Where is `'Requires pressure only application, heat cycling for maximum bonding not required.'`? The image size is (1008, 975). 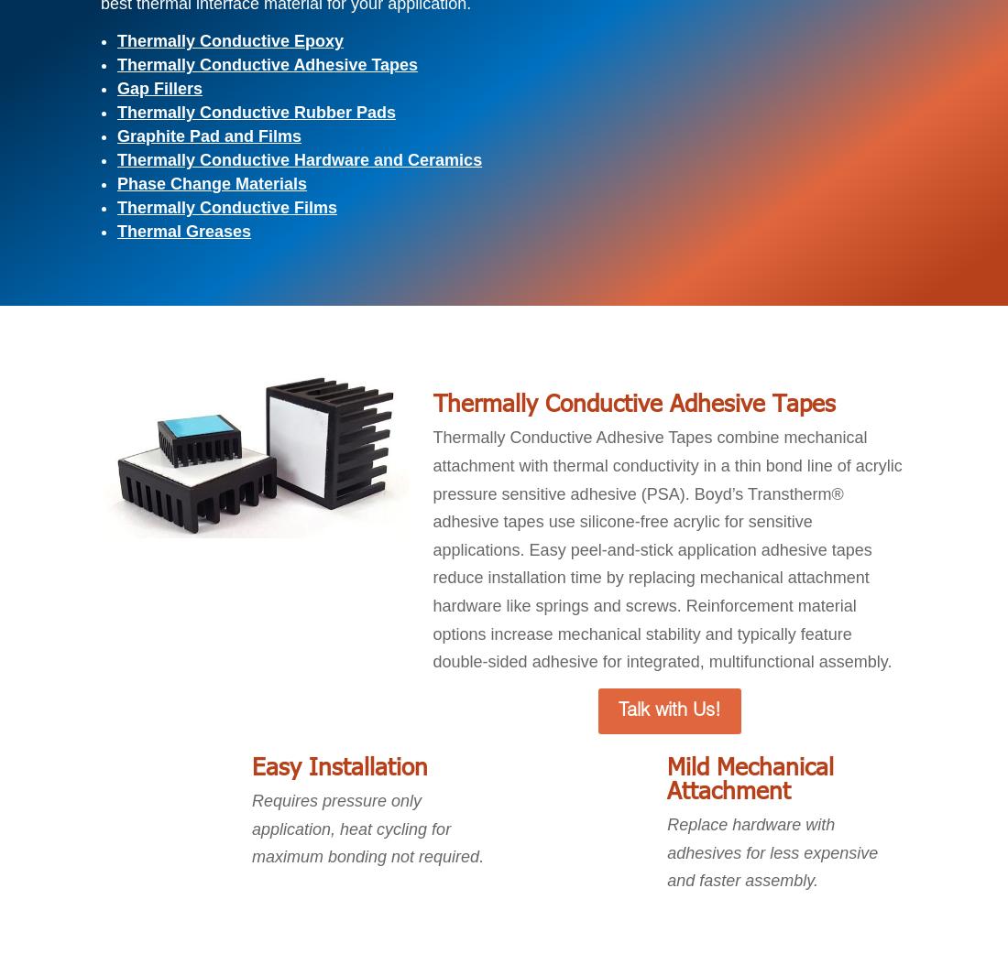 'Requires pressure only application, heat cycling for maximum bonding not required.' is located at coordinates (367, 829).